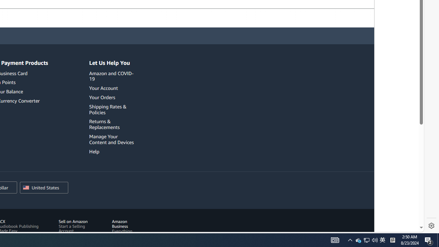 The width and height of the screenshot is (439, 247). I want to click on 'Your Orders', so click(102, 97).